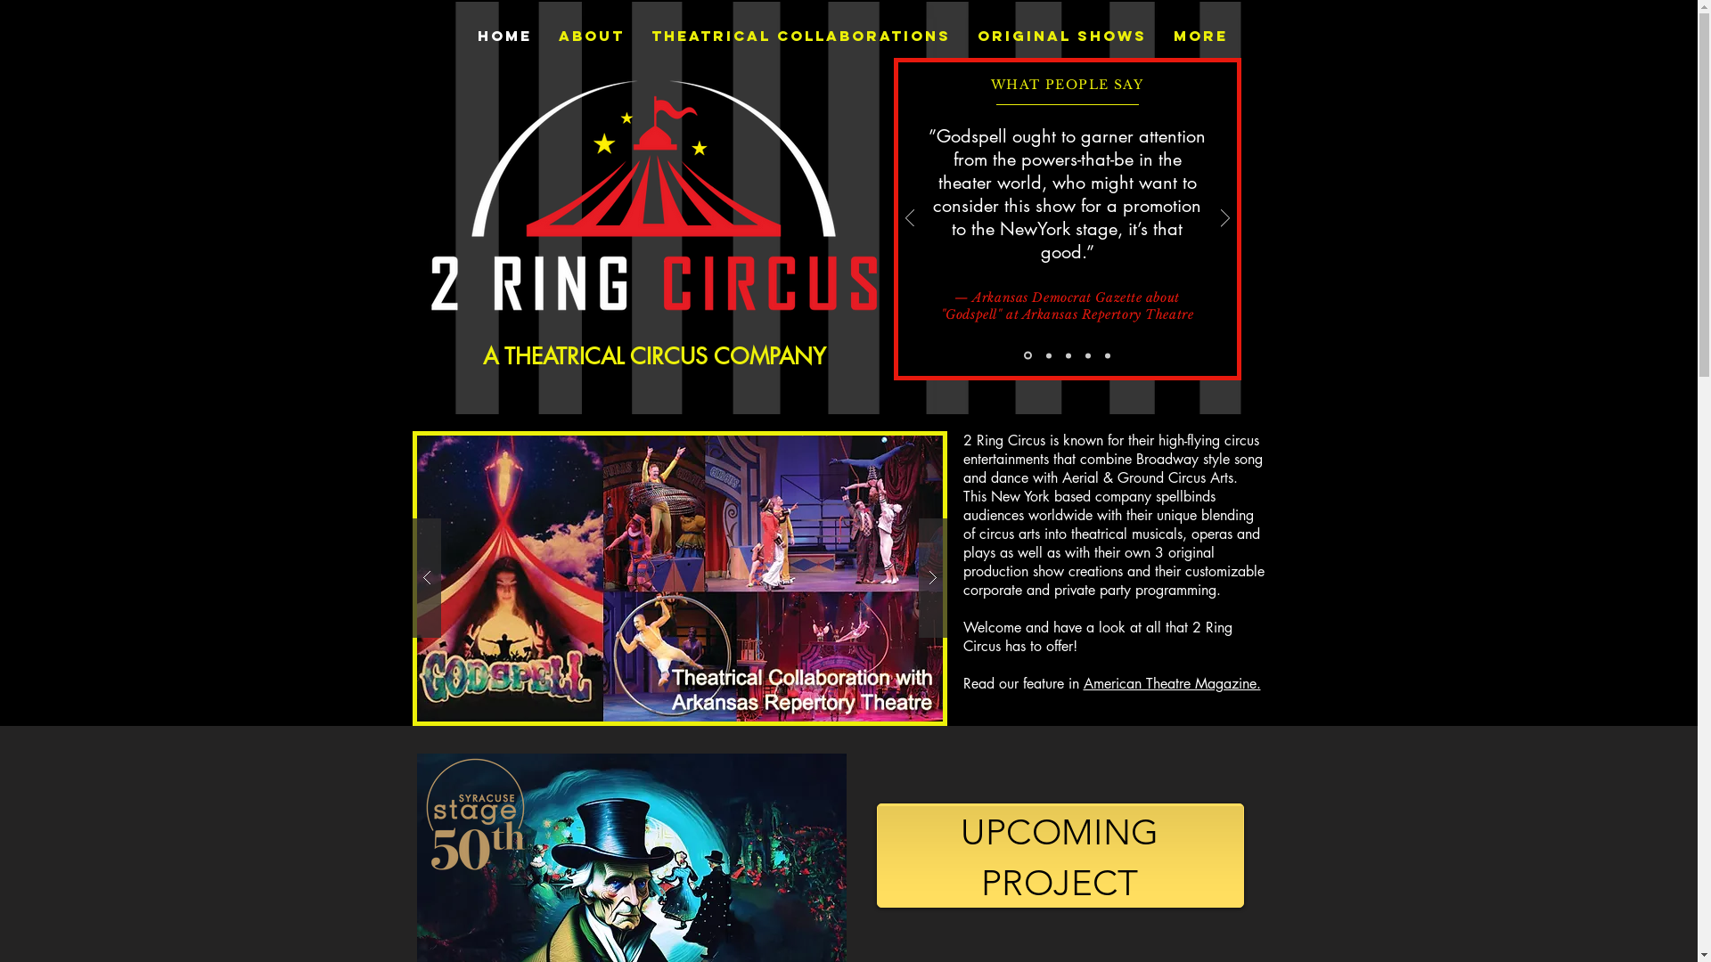 Image resolution: width=1711 pixels, height=962 pixels. Describe the element at coordinates (653, 356) in the screenshot. I see `'A THEATRICAL CIRCUS COMPANY'` at that location.